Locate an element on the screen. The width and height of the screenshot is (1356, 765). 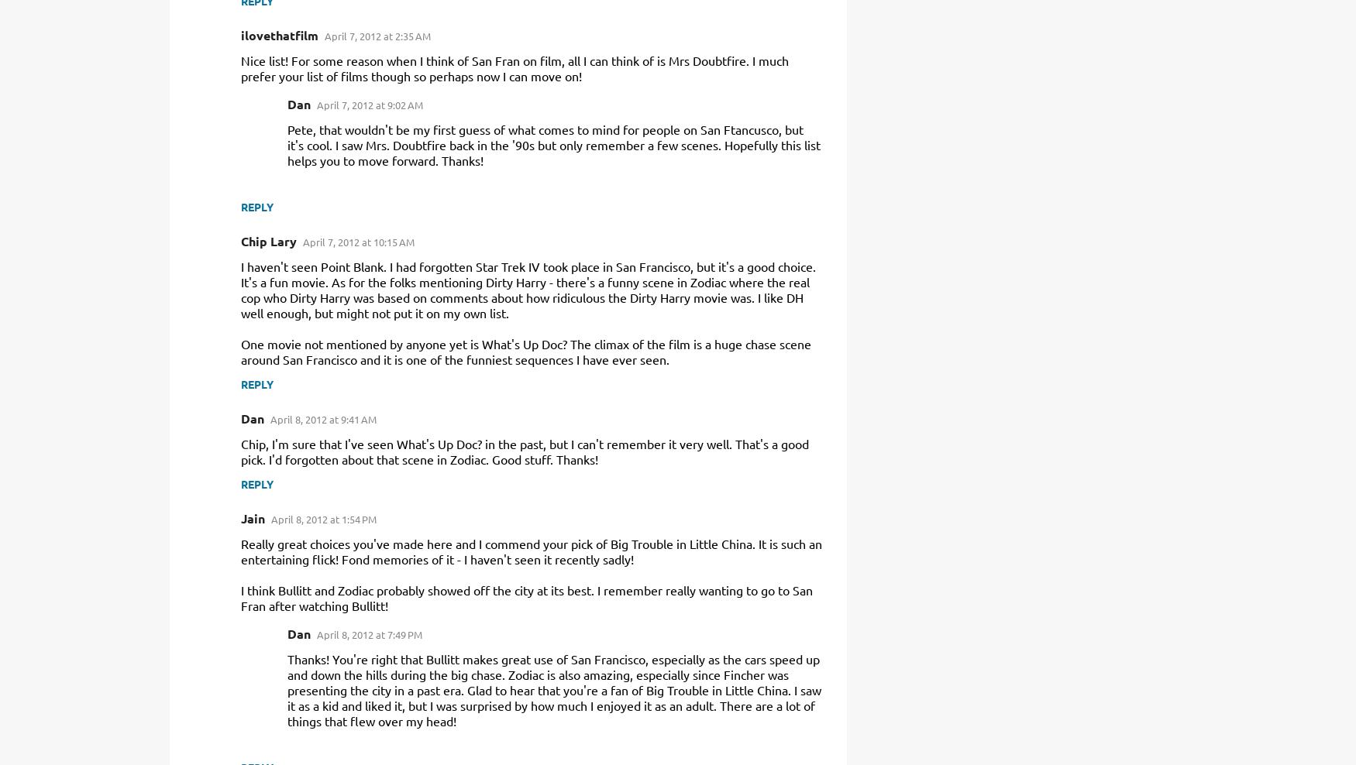
'April 8, 2012 at 1:54 PM' is located at coordinates (323, 518).